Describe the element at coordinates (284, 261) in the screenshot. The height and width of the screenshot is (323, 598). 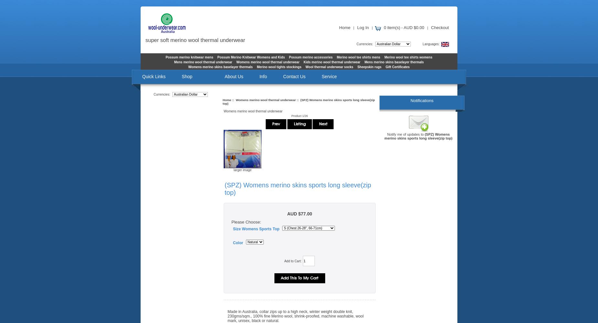
I see `'Add to Cart:'` at that location.